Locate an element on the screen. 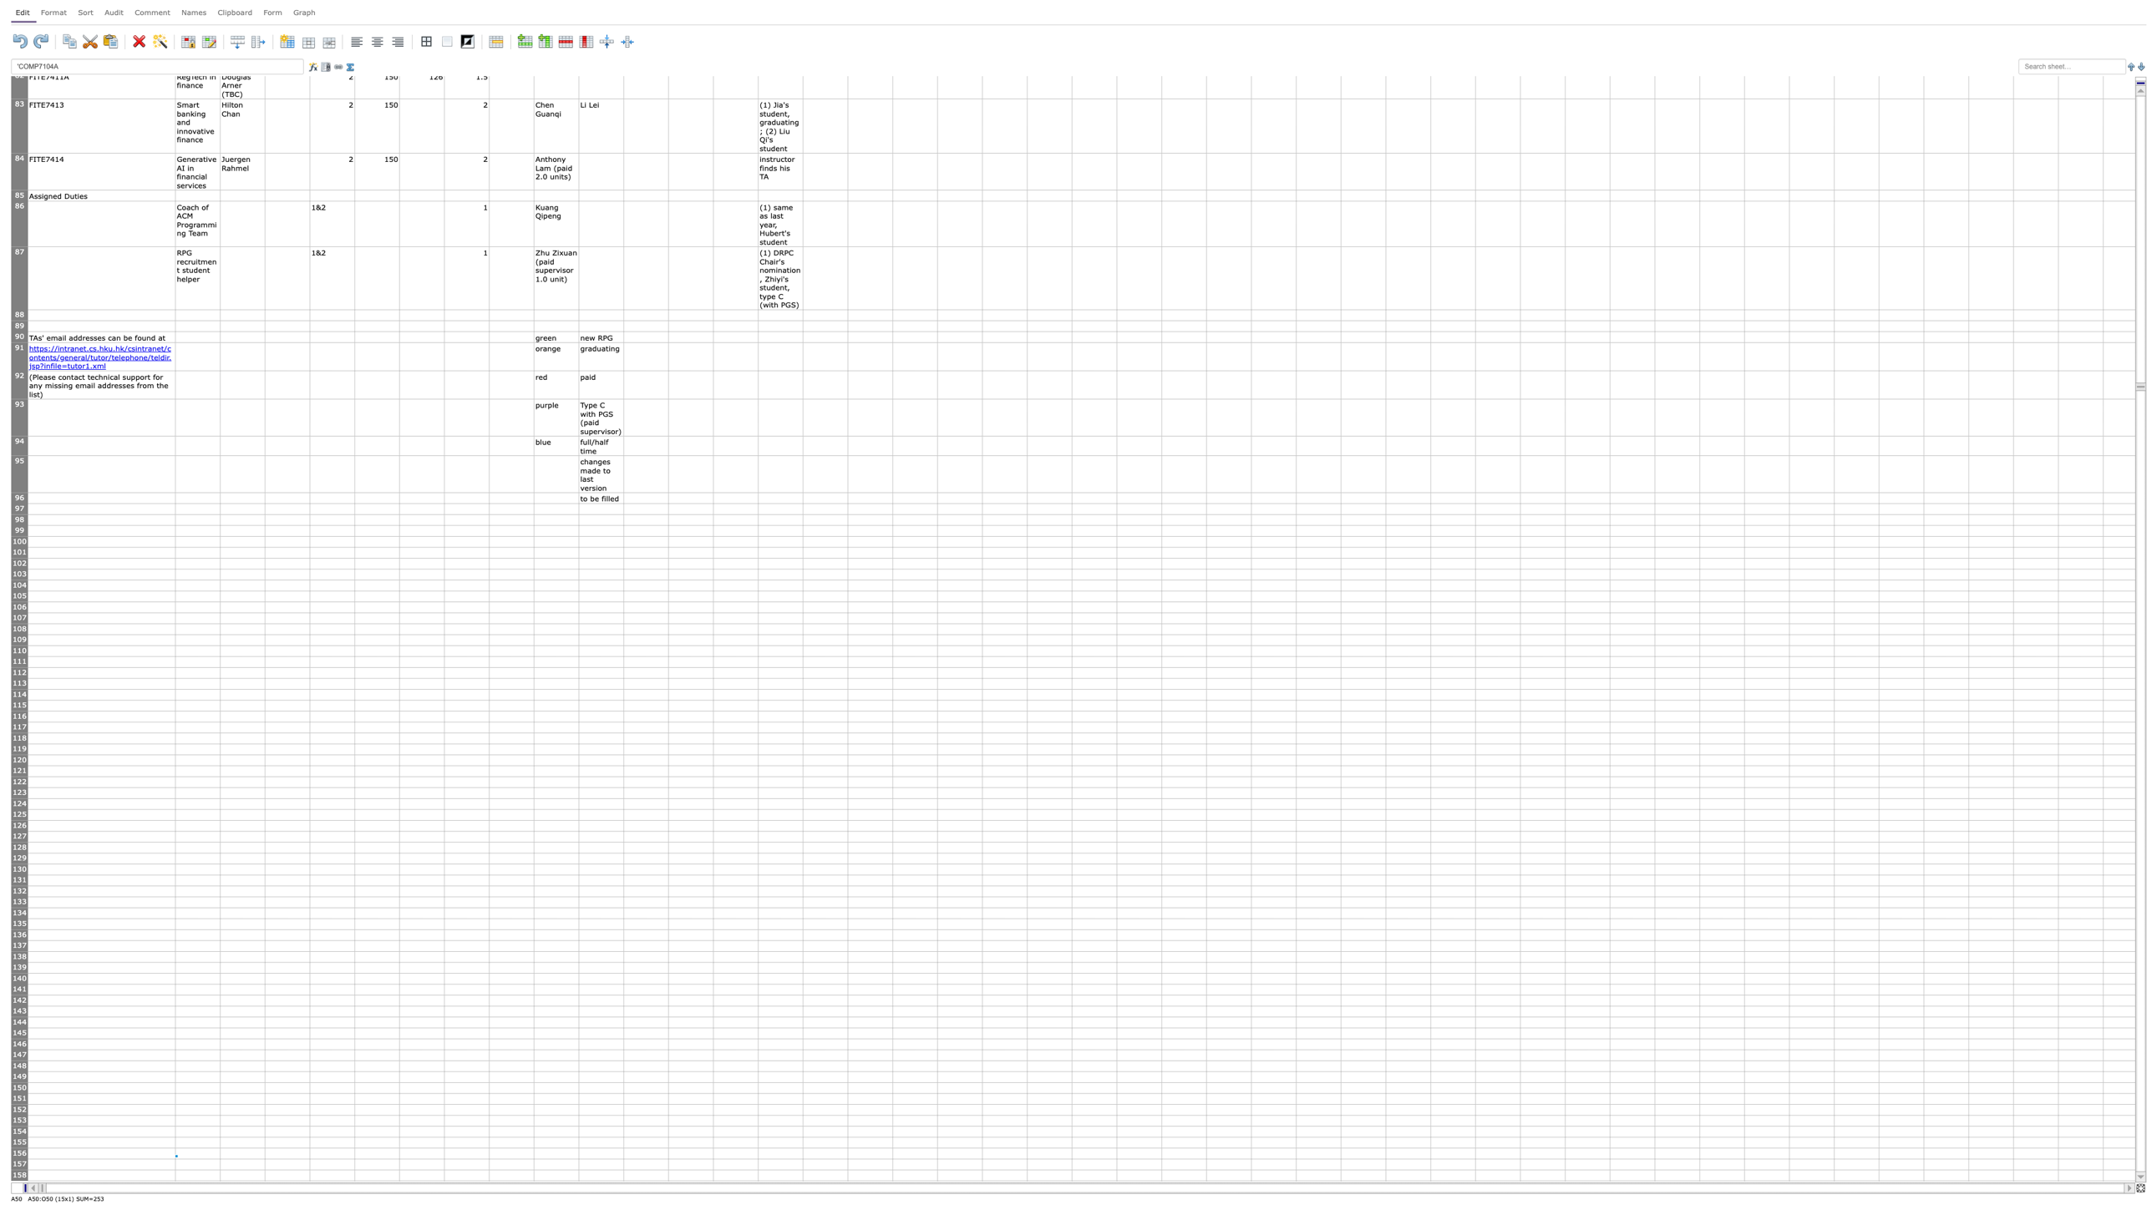 The image size is (2152, 1210). entire row 154 is located at coordinates (19, 1132).